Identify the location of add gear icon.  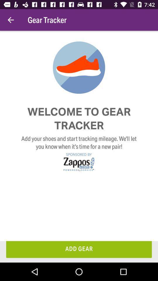
(79, 249).